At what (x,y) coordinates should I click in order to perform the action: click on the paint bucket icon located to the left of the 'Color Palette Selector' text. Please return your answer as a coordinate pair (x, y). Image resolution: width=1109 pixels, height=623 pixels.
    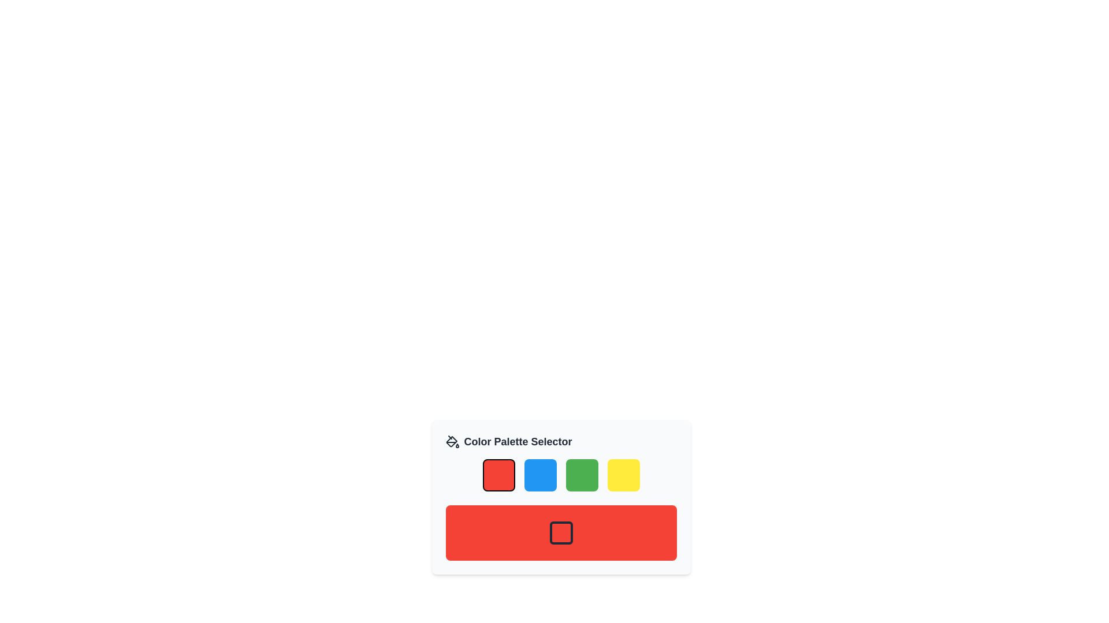
    Looking at the image, I should click on (452, 441).